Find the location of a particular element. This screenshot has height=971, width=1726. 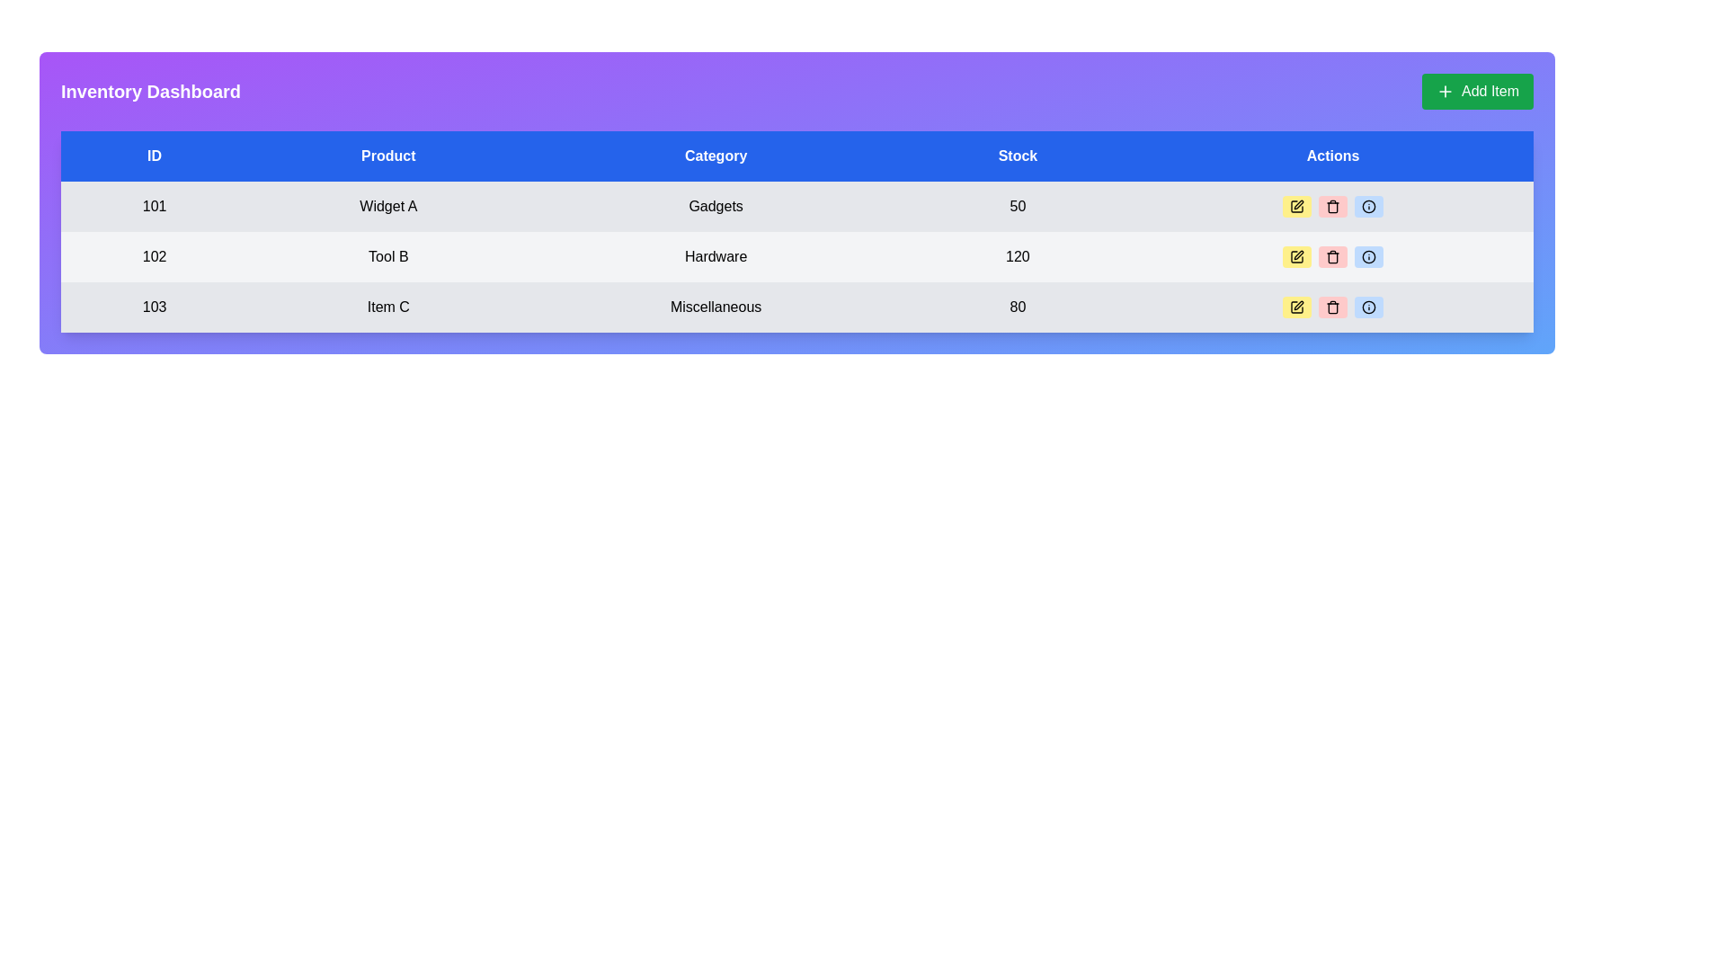

the edit button in the 'Actions' column for the third row associated with 'Item C' is located at coordinates (1297, 307).